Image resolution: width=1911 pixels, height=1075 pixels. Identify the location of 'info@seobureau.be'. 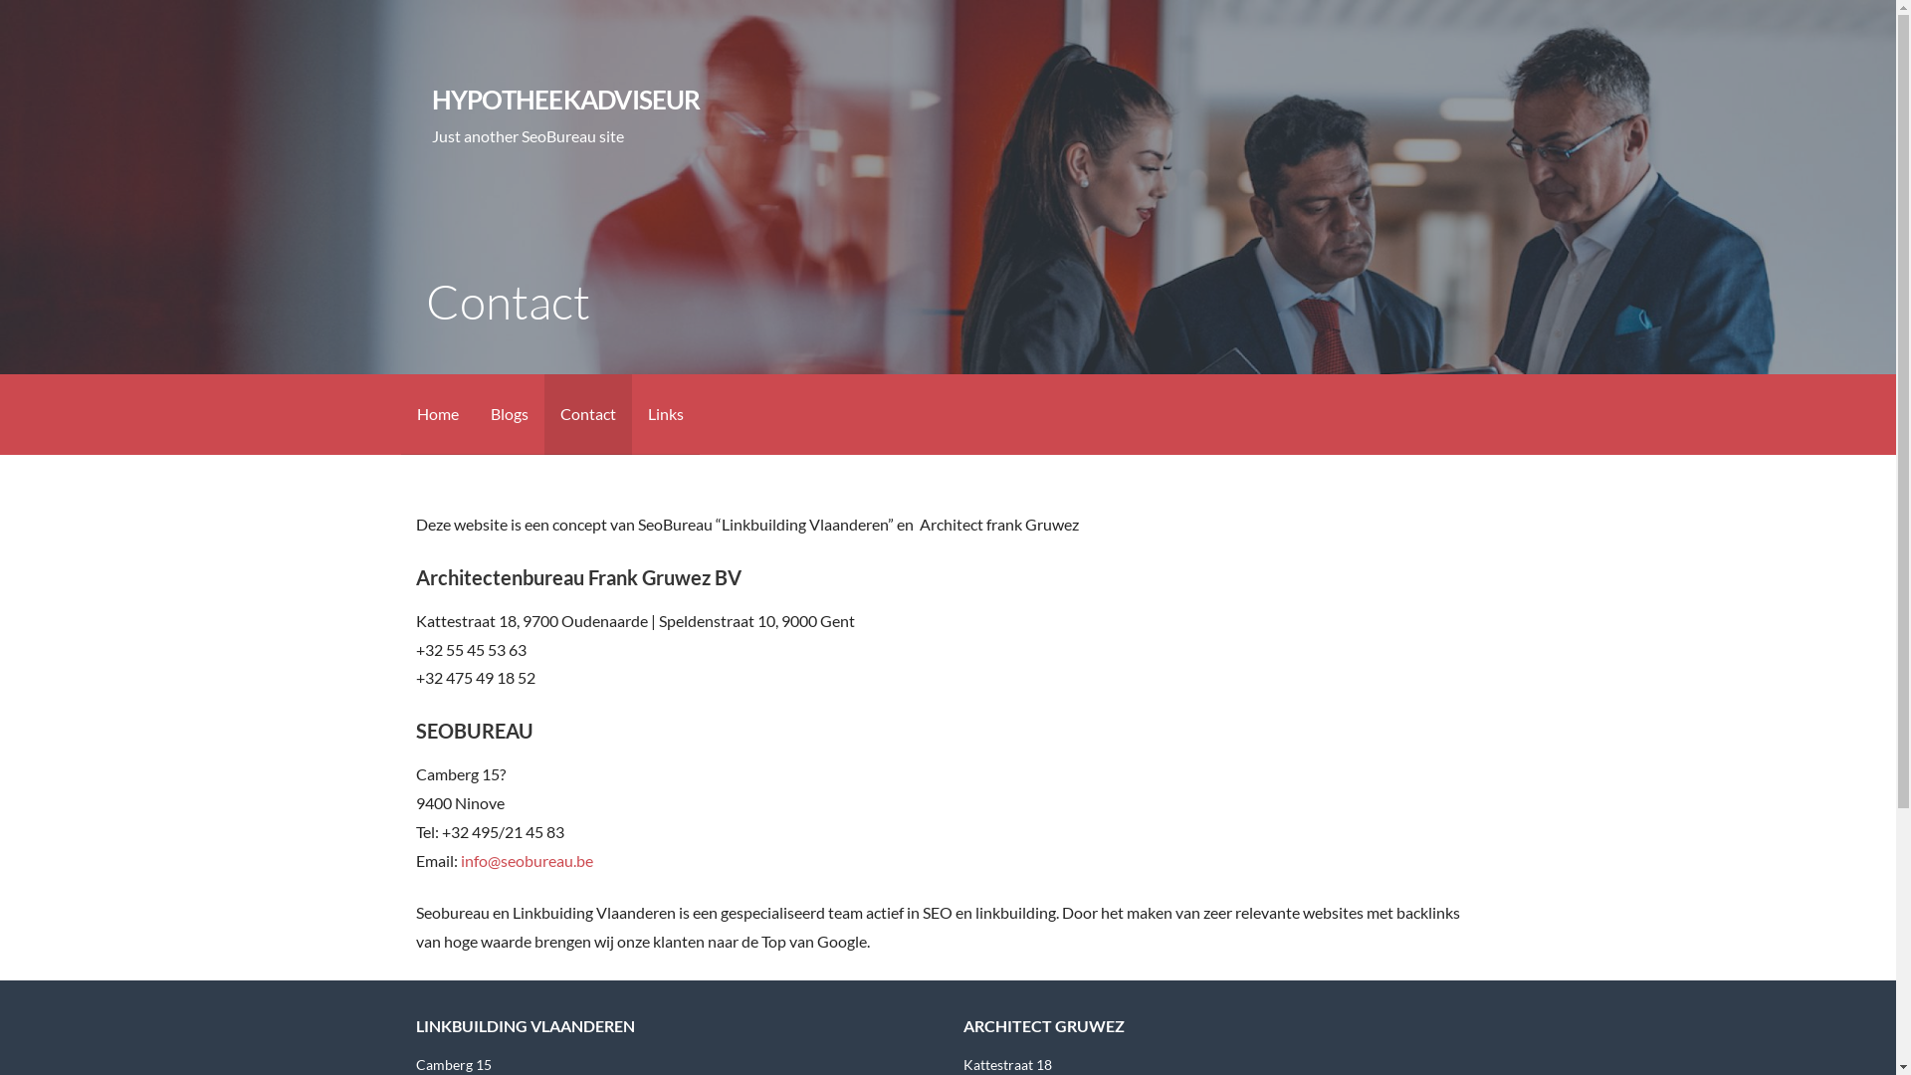
(527, 859).